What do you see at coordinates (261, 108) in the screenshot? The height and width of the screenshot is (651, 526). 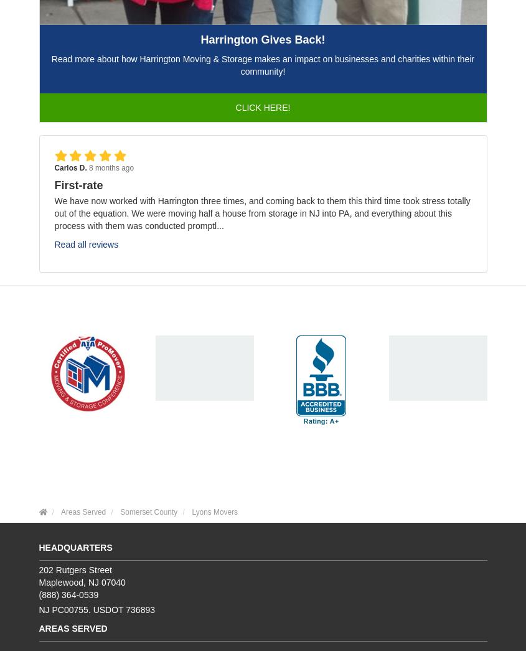 I see `'Click Here!'` at bounding box center [261, 108].